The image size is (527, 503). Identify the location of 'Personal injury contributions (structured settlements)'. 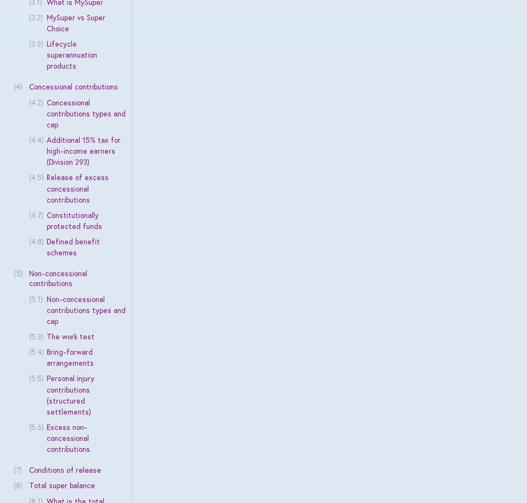
(69, 394).